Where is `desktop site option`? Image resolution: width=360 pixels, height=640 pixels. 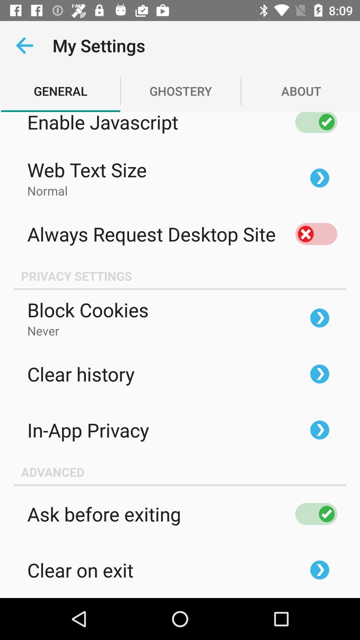 desktop site option is located at coordinates (316, 234).